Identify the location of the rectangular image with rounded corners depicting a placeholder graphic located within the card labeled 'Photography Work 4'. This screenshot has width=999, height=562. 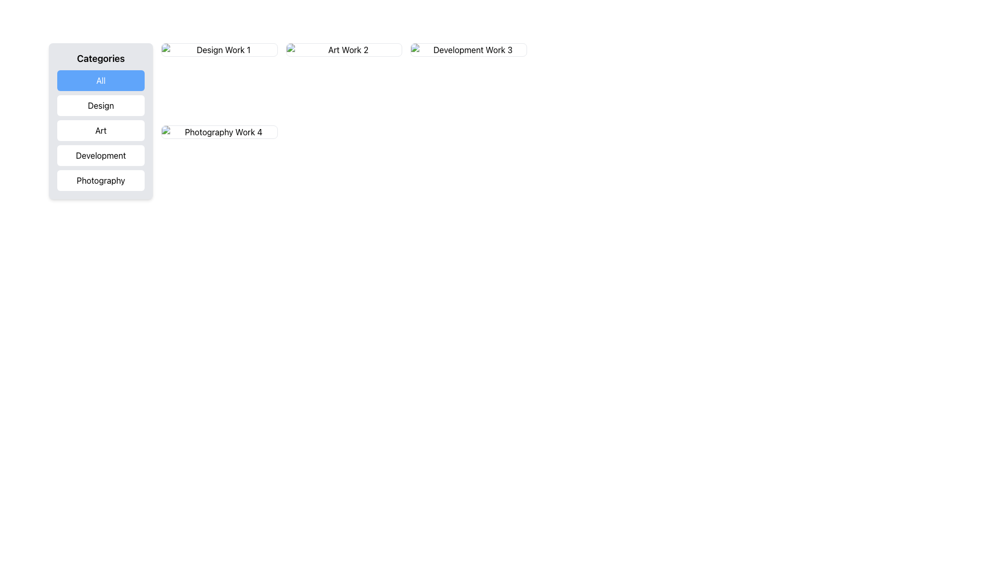
(219, 132).